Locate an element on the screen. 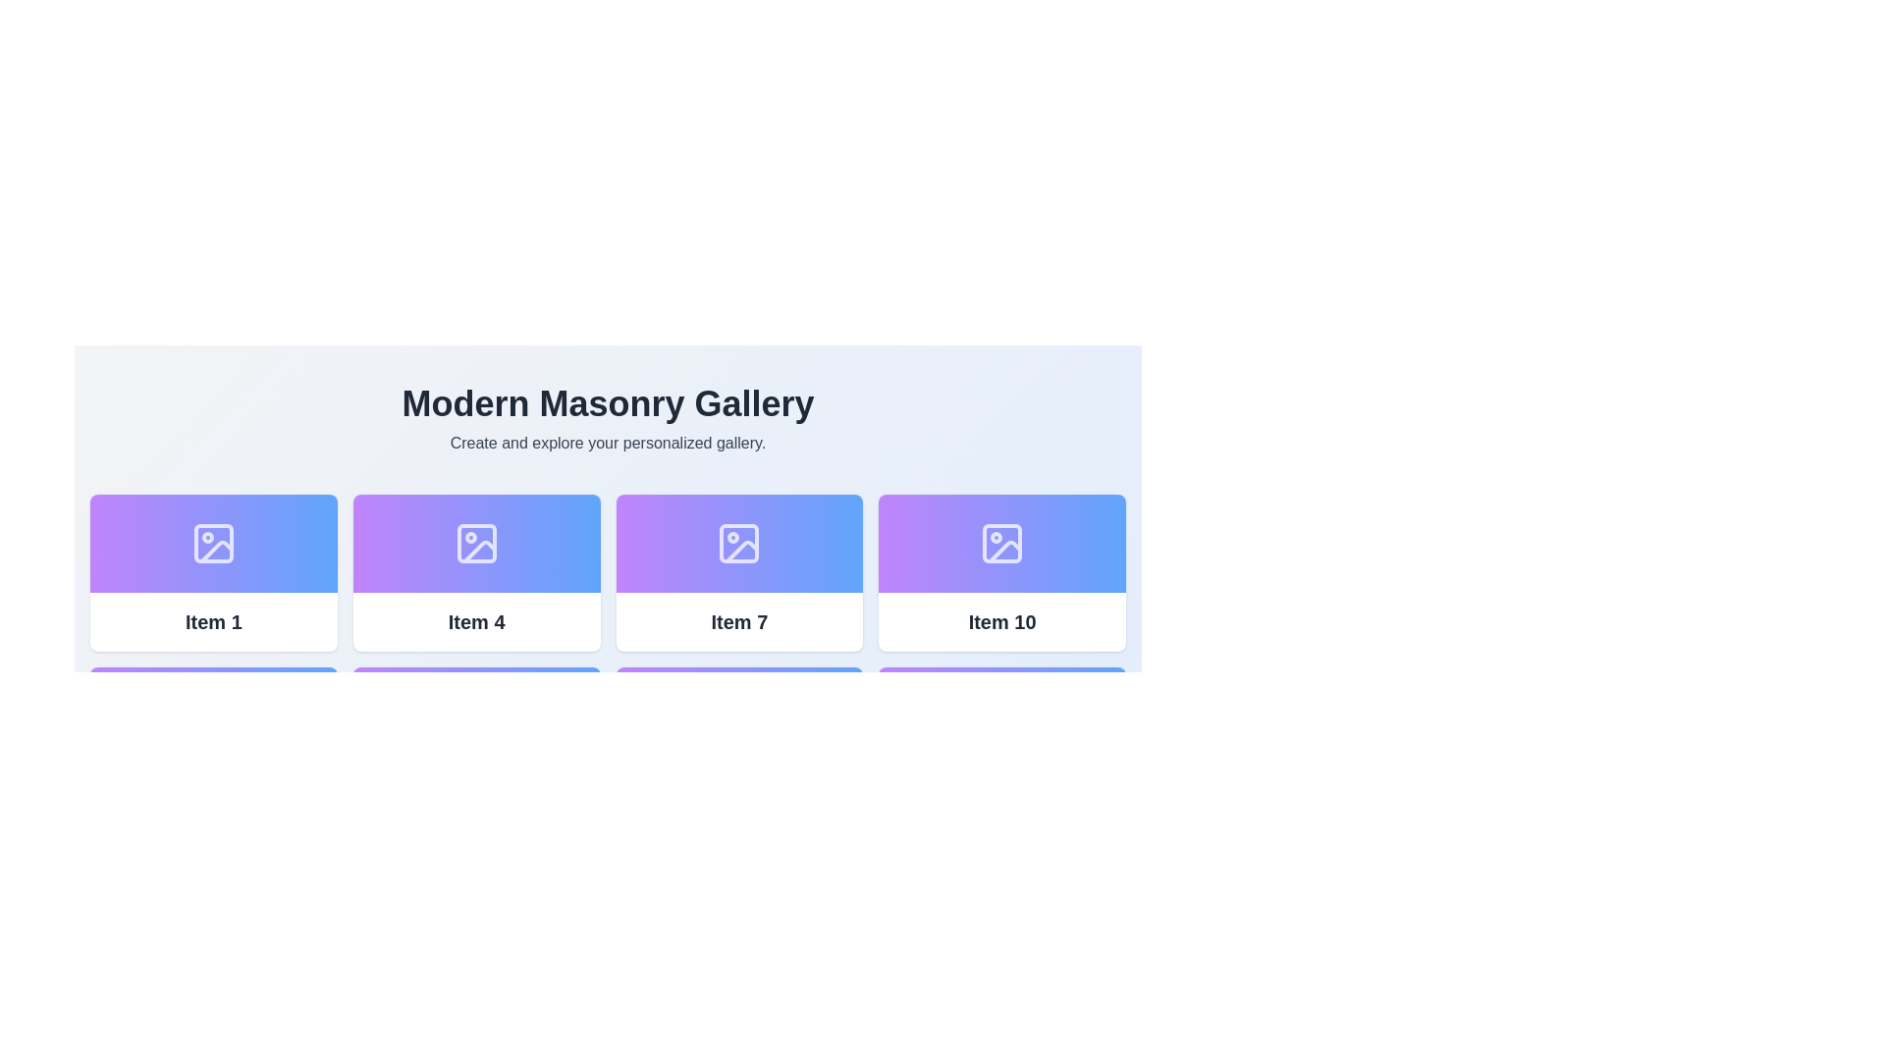 The width and height of the screenshot is (1885, 1060). the text label that displays 'Item 4', which is styled with bold and large dark gray text and is part of the second card in the second row of a grid layout is located at coordinates (476, 621).